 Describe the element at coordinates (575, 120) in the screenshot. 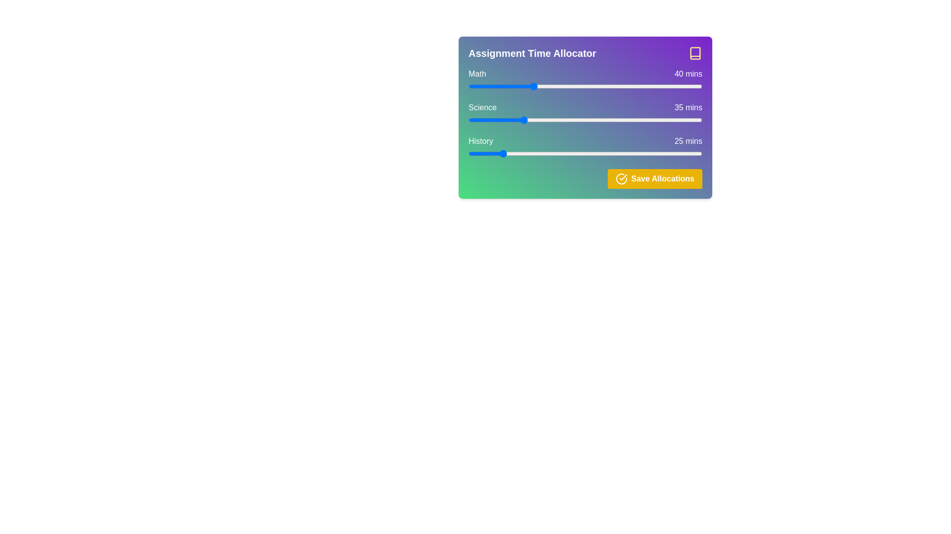

I see `allocation time` at that location.